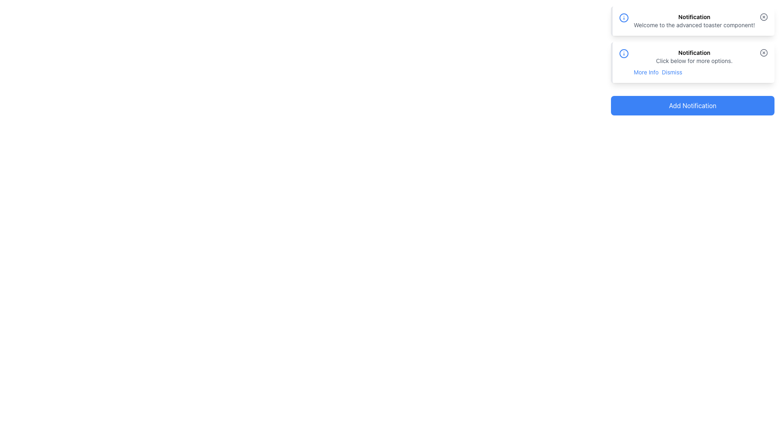  What do you see at coordinates (763, 17) in the screenshot?
I see `the small circular close button with an 'X' icon located in the top-right corner of the notification card titled 'Notification'` at bounding box center [763, 17].